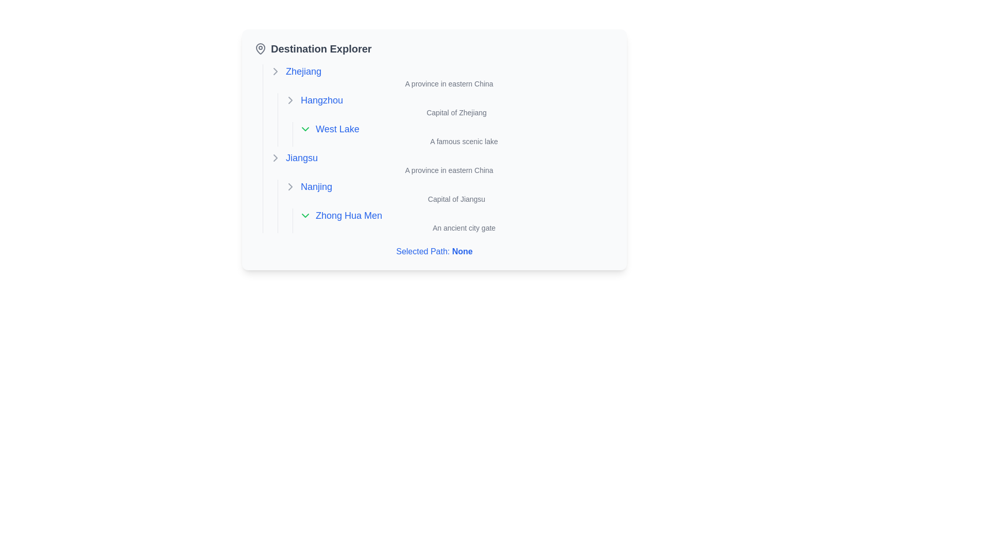  What do you see at coordinates (305, 215) in the screenshot?
I see `the green downward-pointing arrow icon located to the left of the text 'Zhong Hua Men' in the destination explorer to focus` at bounding box center [305, 215].